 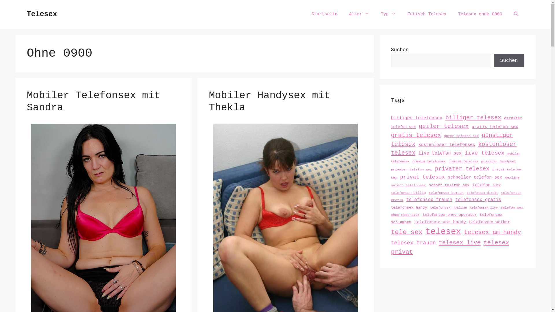 I want to click on 'telesex am handy', so click(x=492, y=232).